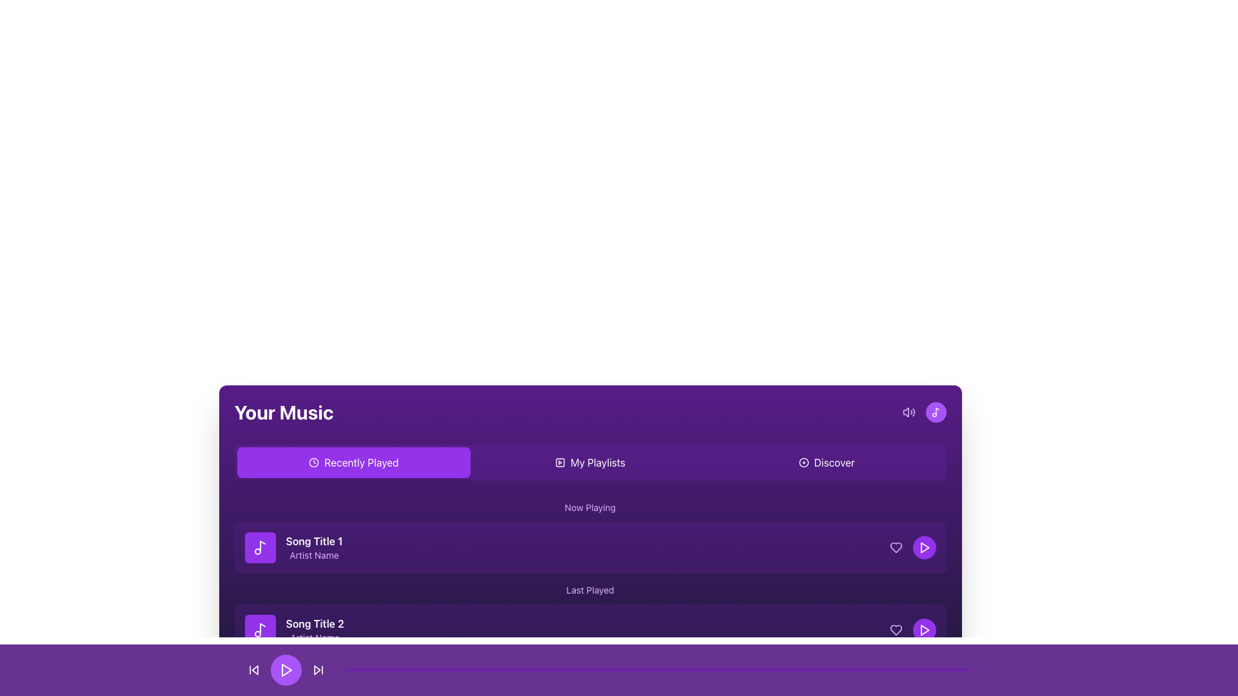  I want to click on the icon representing the song item in the 'Your Music' section, specifically the second item in the list, which has a square purple background, so click(259, 630).